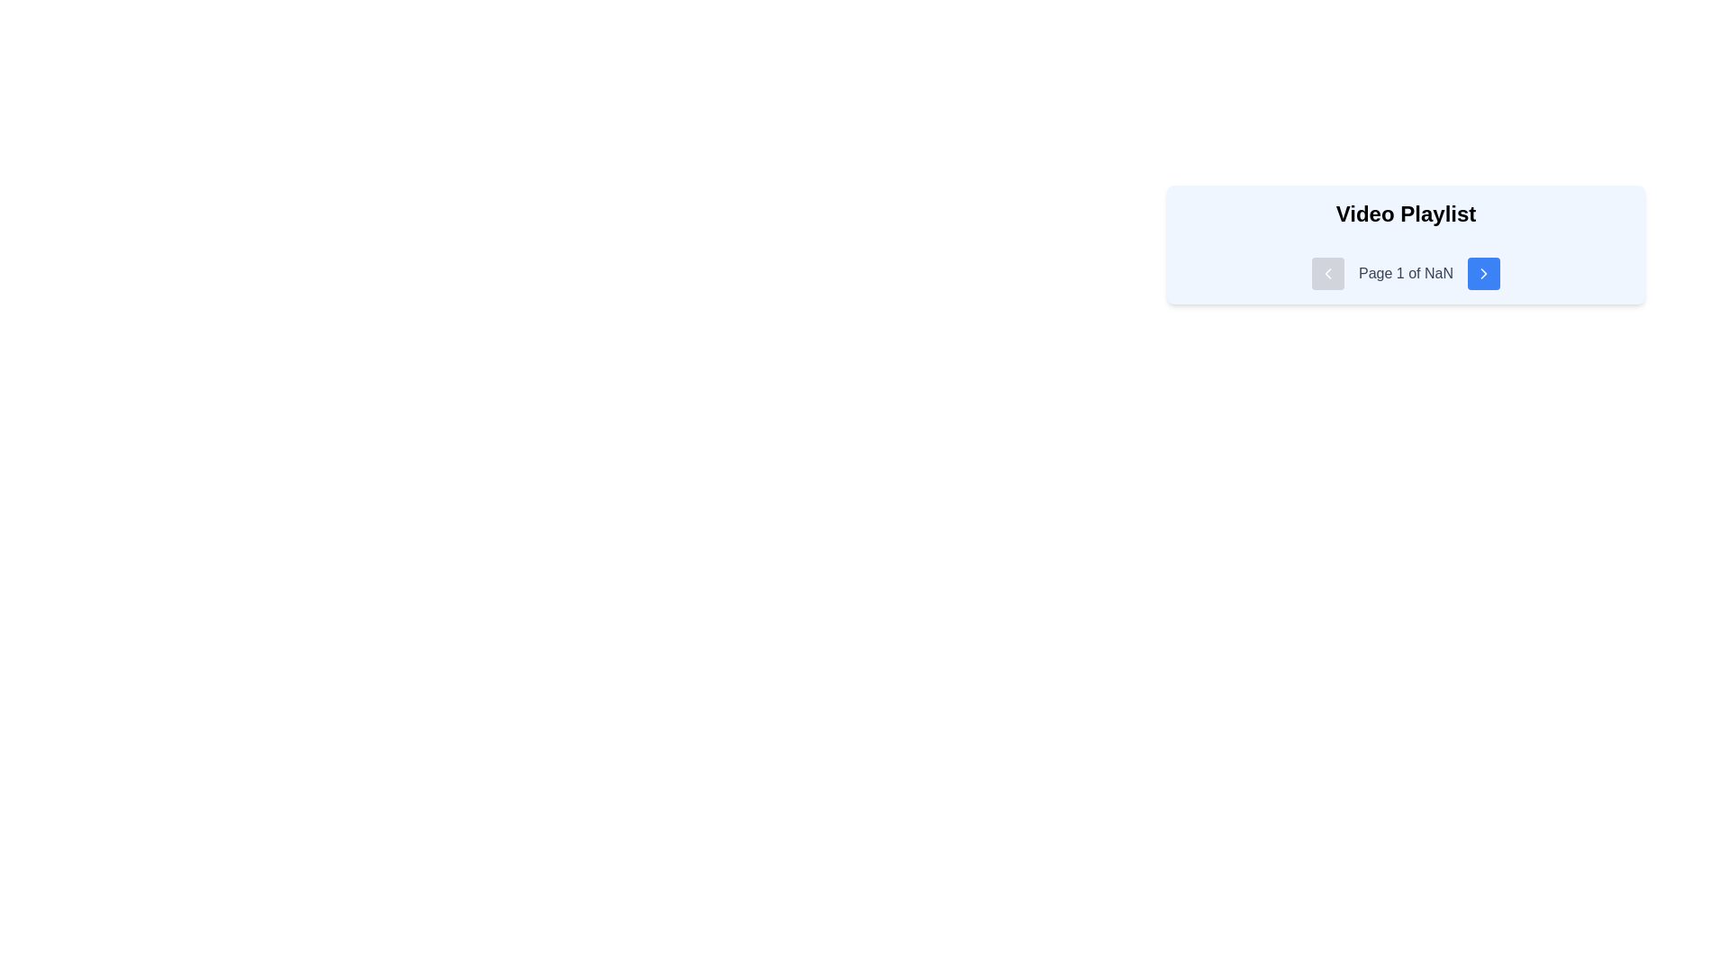  What do you see at coordinates (1483, 274) in the screenshot?
I see `the rightmost navigation button located in the navigation bar below the title 'Video Playlist'` at bounding box center [1483, 274].